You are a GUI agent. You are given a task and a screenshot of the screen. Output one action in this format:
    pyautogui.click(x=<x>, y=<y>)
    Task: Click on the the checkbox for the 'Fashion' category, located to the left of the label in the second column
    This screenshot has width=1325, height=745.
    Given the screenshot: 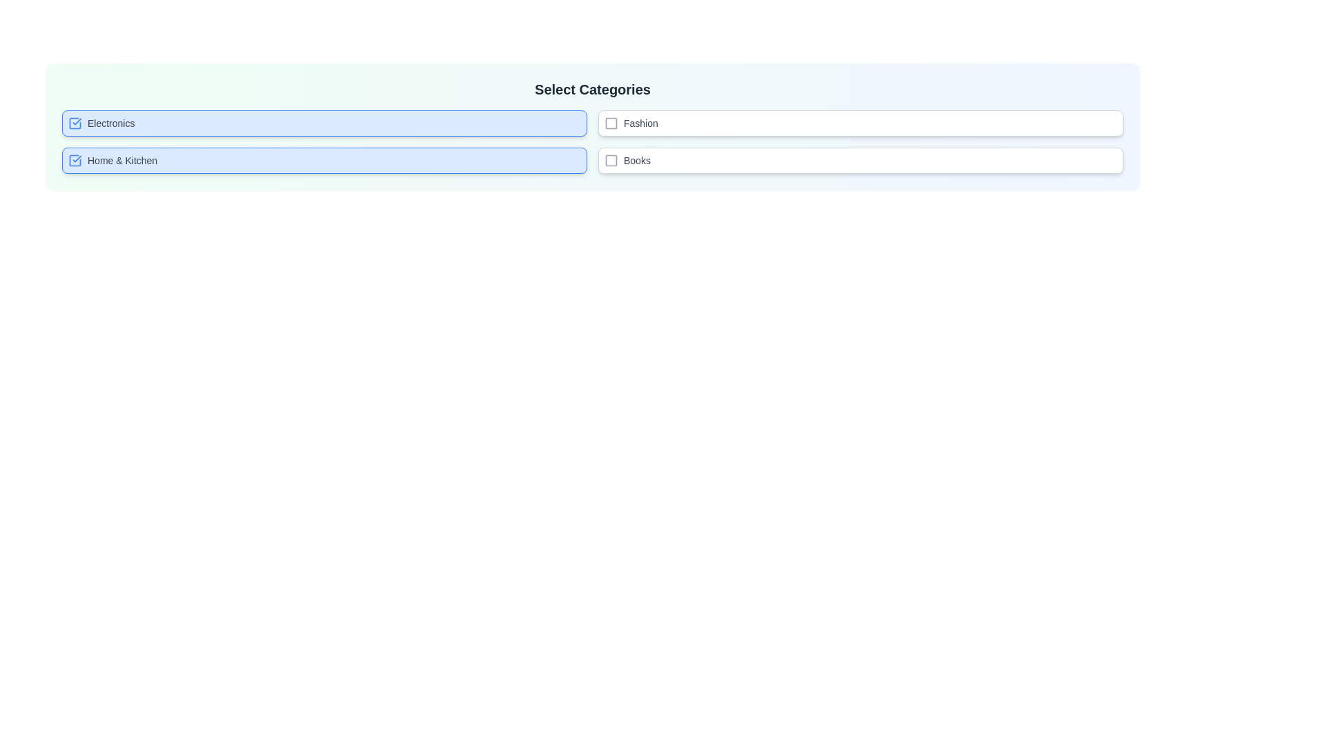 What is the action you would take?
    pyautogui.click(x=611, y=122)
    